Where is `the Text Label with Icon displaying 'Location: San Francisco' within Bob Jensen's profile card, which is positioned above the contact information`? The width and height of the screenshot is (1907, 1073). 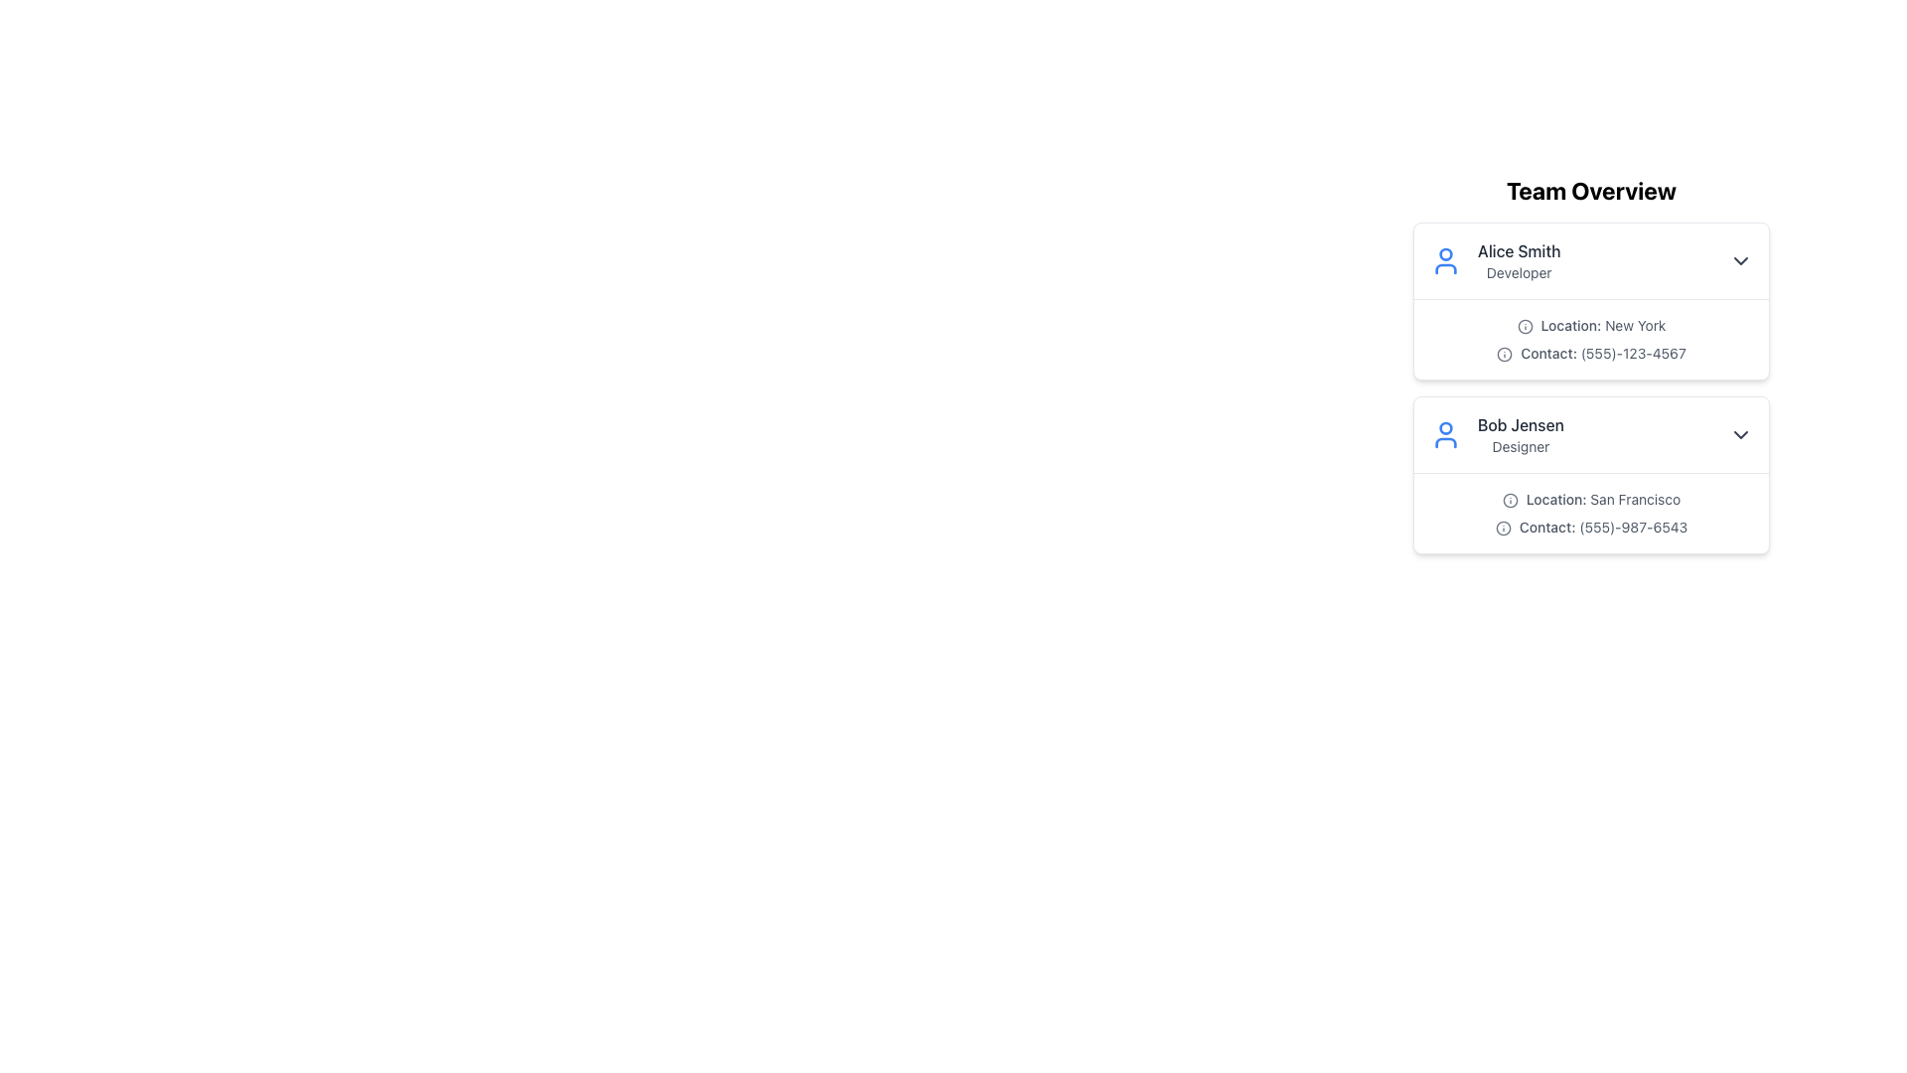
the Text Label with Icon displaying 'Location: San Francisco' within Bob Jensen's profile card, which is positioned above the contact information is located at coordinates (1591, 498).